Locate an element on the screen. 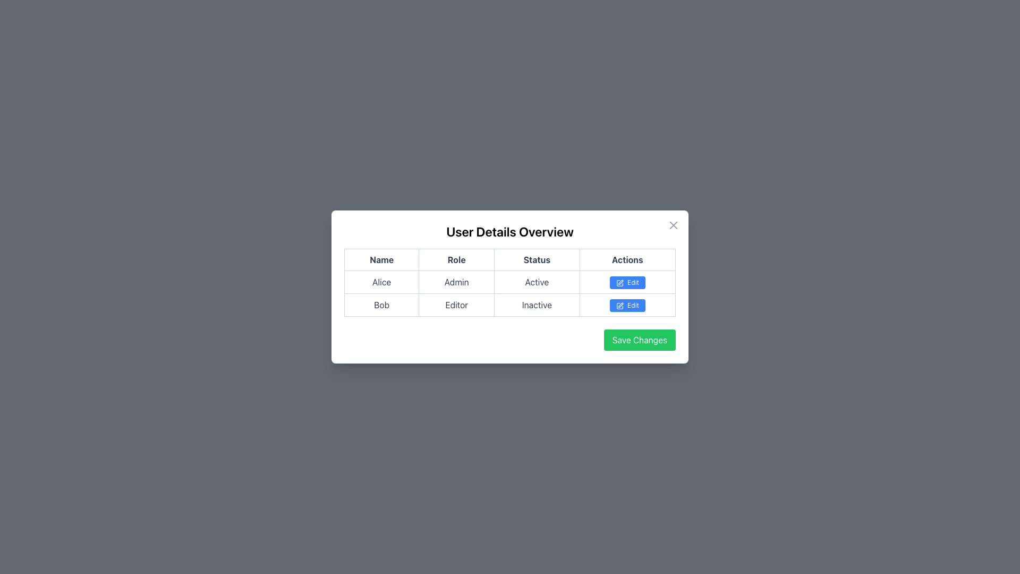 This screenshot has width=1020, height=574. the Label displaying 'Alice' which is located at the top left of a row in a structured table, directly below the 'Name' column header is located at coordinates (381, 282).